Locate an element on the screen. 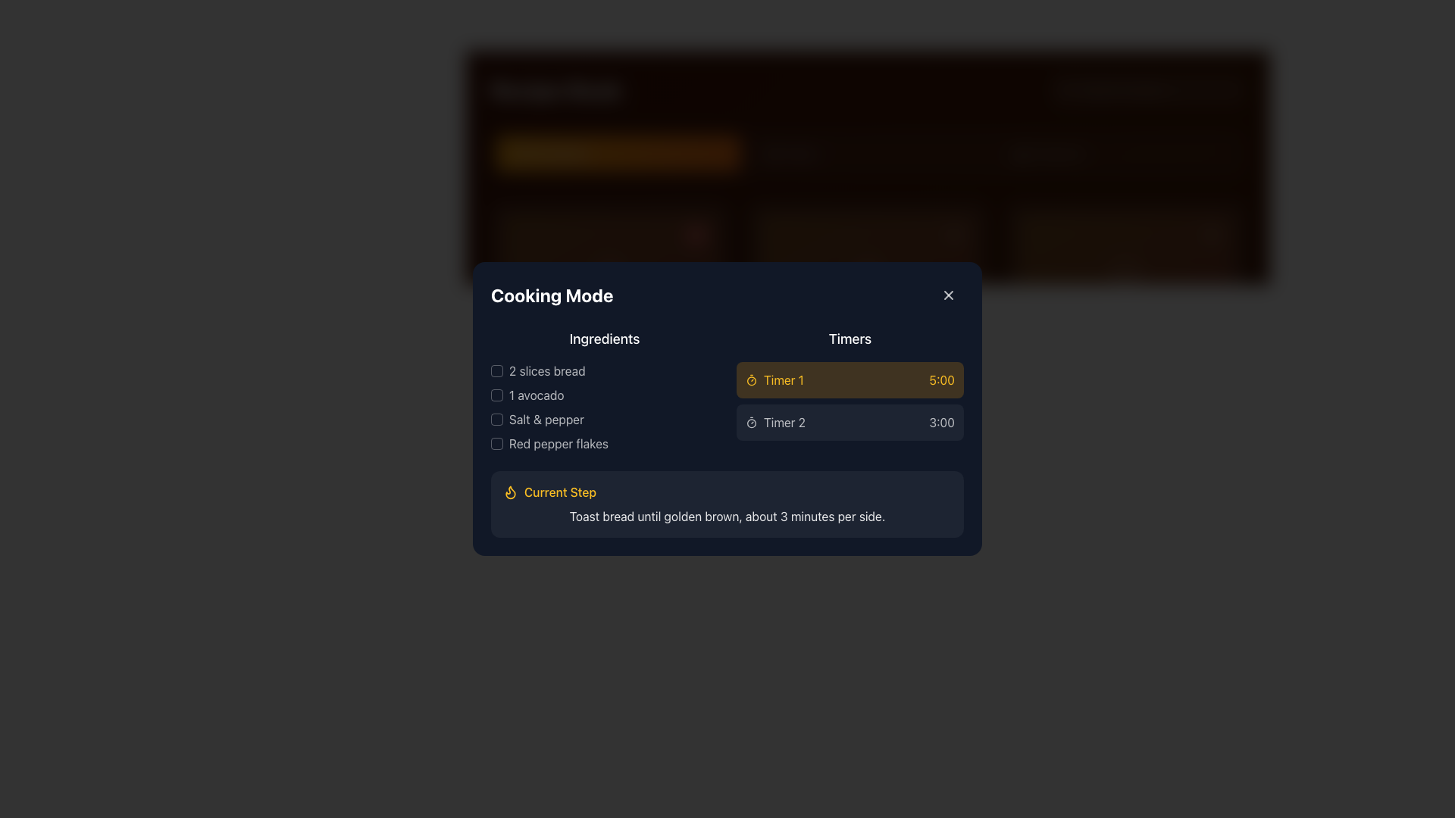  the flame-shaped icon with a thin yellow outline located to the left of the text 'Current Step' for its symbolic meaning is located at coordinates (510, 492).